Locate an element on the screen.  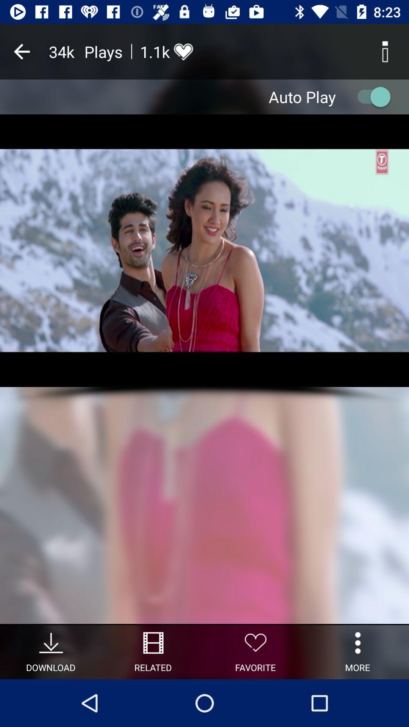
previous page is located at coordinates (21, 51).